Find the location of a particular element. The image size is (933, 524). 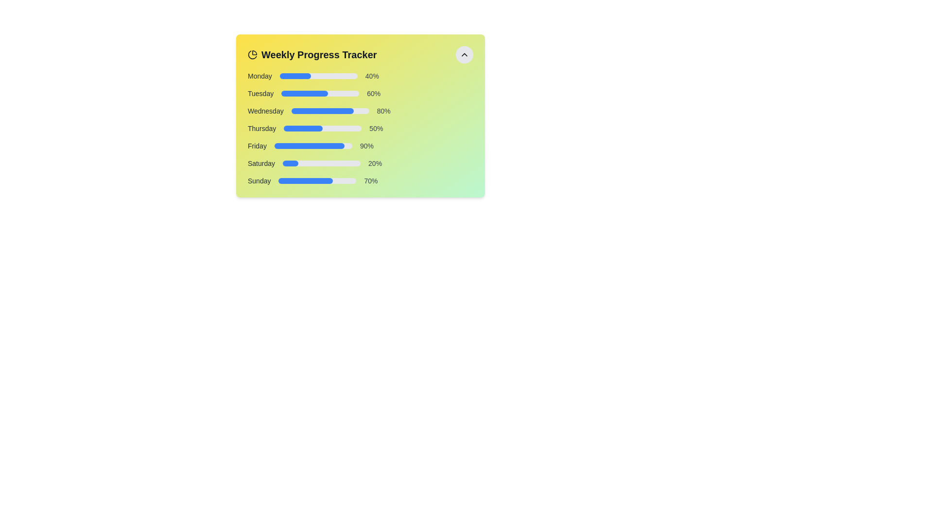

the static text displaying '40%' located next to the blue progress bar for 'Monday' in the weekly tracker table is located at coordinates (371, 76).